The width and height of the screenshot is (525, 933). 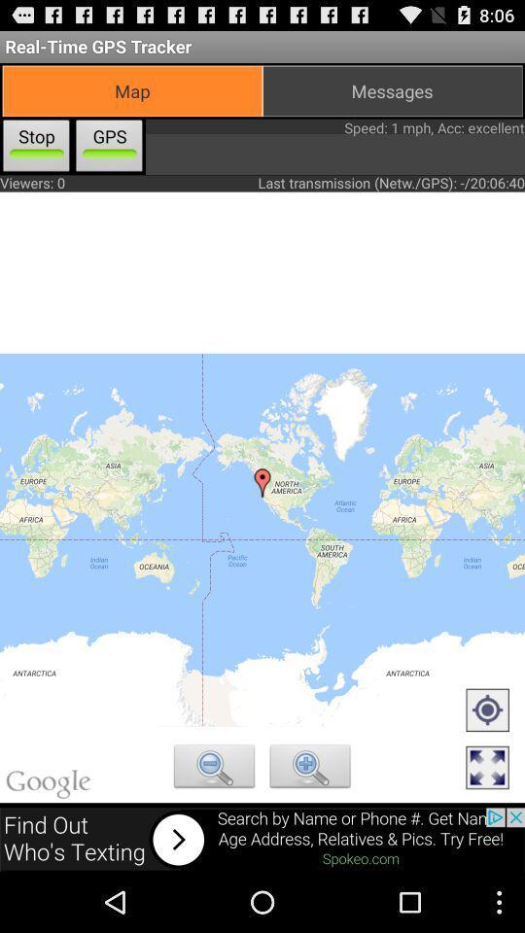 I want to click on the advertisement, so click(x=262, y=839).